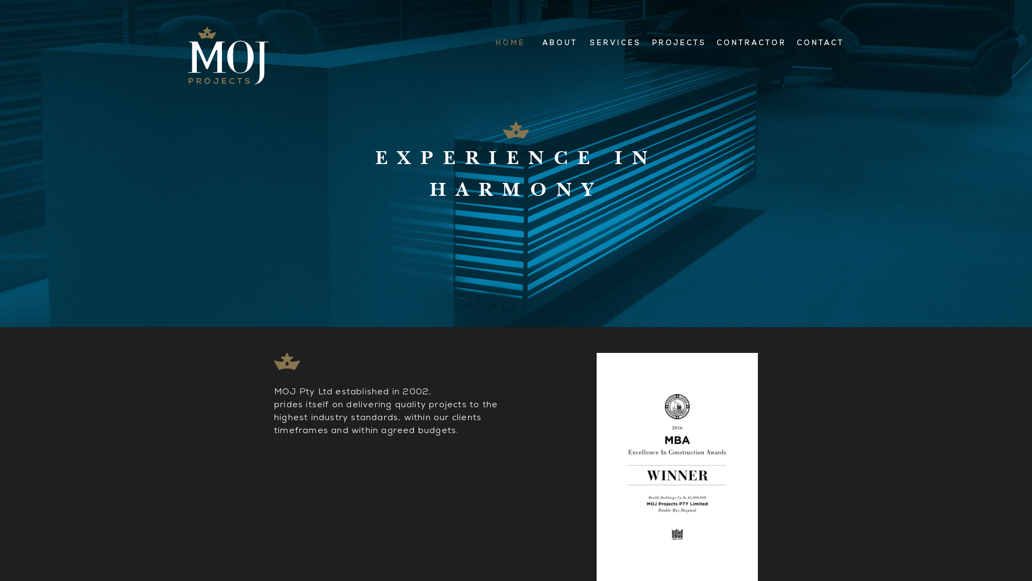 The image size is (1032, 581). What do you see at coordinates (535, 43) in the screenshot?
I see `'ABOUT'` at bounding box center [535, 43].